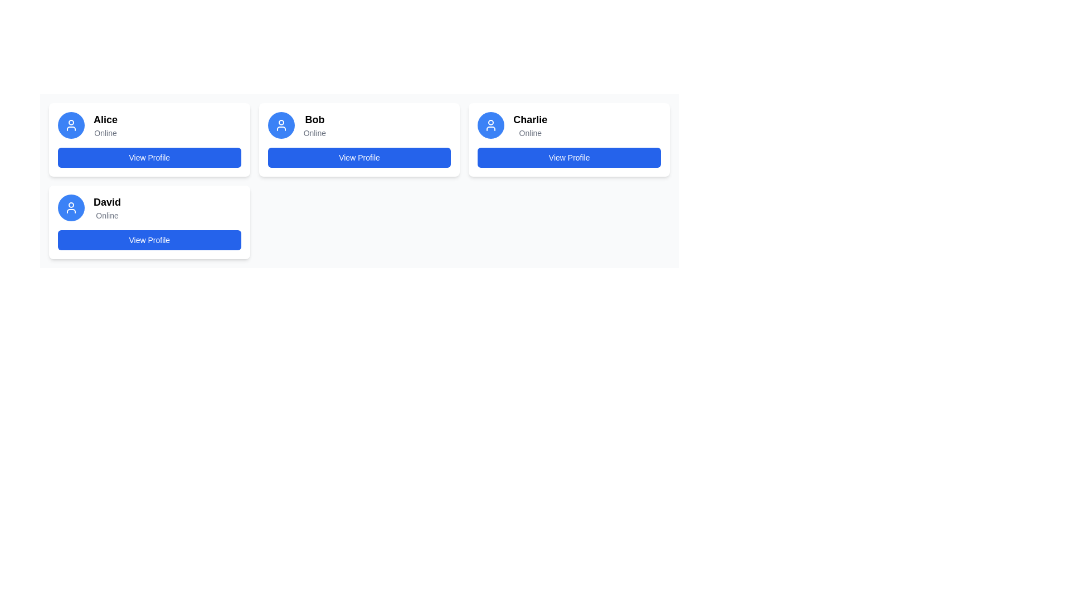 The image size is (1070, 602). Describe the element at coordinates (529, 125) in the screenshot. I see `text content indicating the online status of the user named 'Charlie', which is located in the top-right card of the user grid layout beneath the user's avatar` at that location.